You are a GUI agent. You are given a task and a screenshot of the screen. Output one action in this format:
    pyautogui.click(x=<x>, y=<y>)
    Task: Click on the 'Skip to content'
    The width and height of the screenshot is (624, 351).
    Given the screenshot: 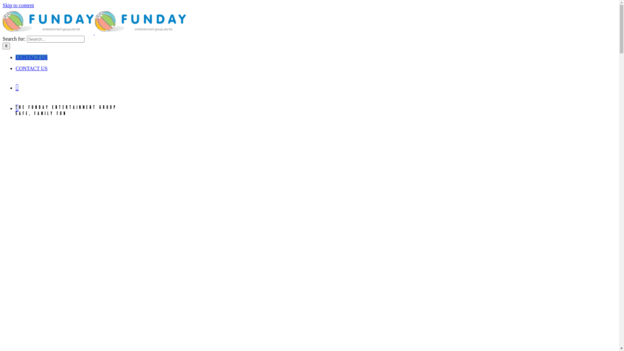 What is the action you would take?
    pyautogui.click(x=18, y=5)
    